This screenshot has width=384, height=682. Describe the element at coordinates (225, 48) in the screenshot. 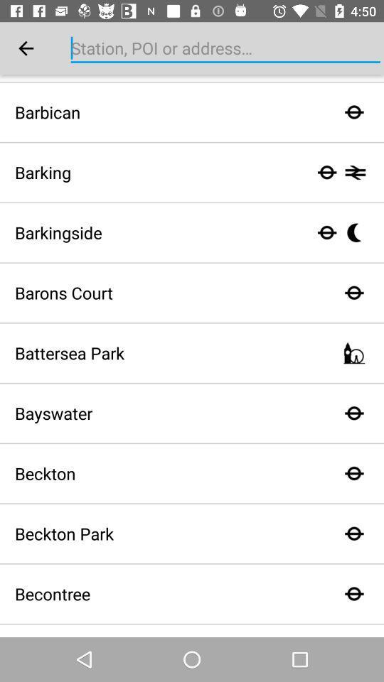

I see `station poi or address` at that location.